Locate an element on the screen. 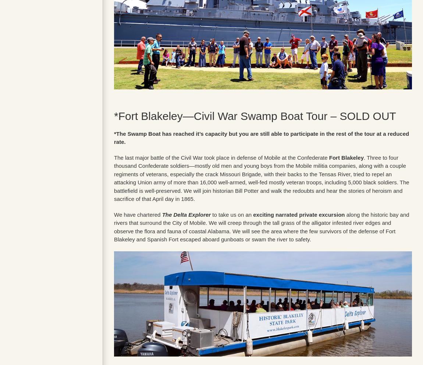 The height and width of the screenshot is (365, 423). '. Three to four thousand Confederate soldiers—mostly old men and young boys from the Mobile militia companies, along with a couple regiments of veterans, especially the crack Missouri Brigade, with their backs to the Tensas River, tried to repel an attacking Union army of more than 16,000 well-armed, well-fed mostly veteran troops, including 5,000 black soldiers. The battlefield is well-preserved. We will join historian Bill Potter and walk the redoubts and hear the stories of heroism and sacrifice of that April day in 1865.' is located at coordinates (114, 178).